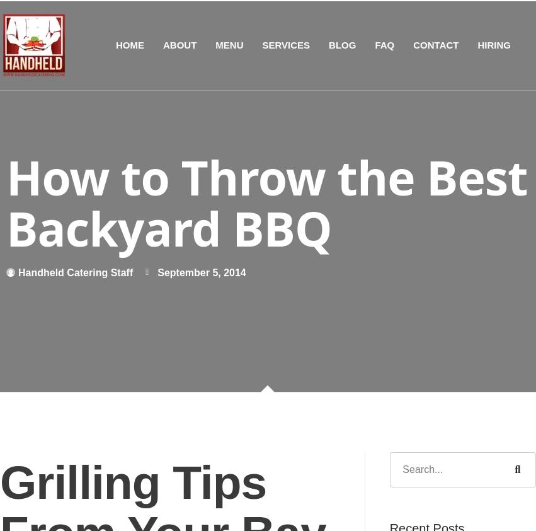  What do you see at coordinates (261, 44) in the screenshot?
I see `'SERVICES'` at bounding box center [261, 44].